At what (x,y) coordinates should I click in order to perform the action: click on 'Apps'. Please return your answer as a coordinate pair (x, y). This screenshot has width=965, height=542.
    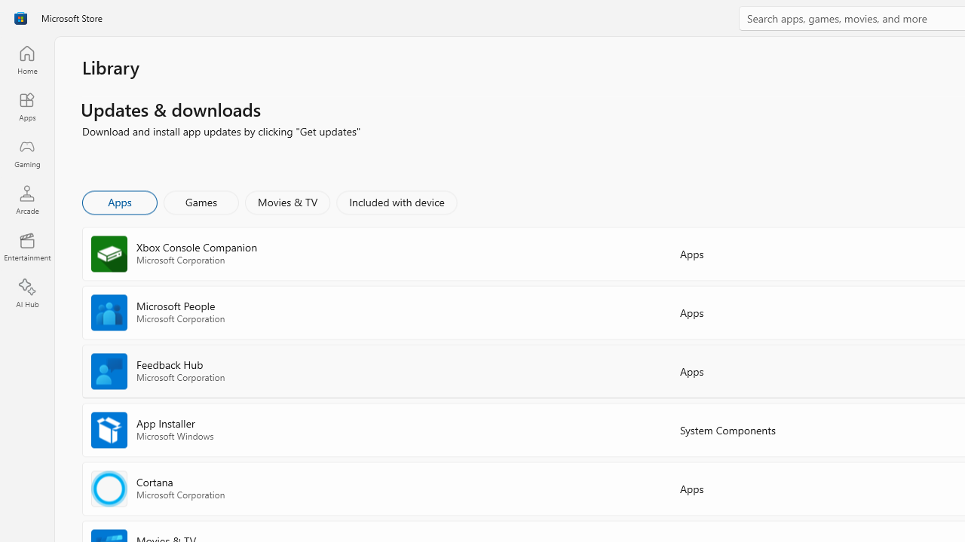
    Looking at the image, I should click on (118, 201).